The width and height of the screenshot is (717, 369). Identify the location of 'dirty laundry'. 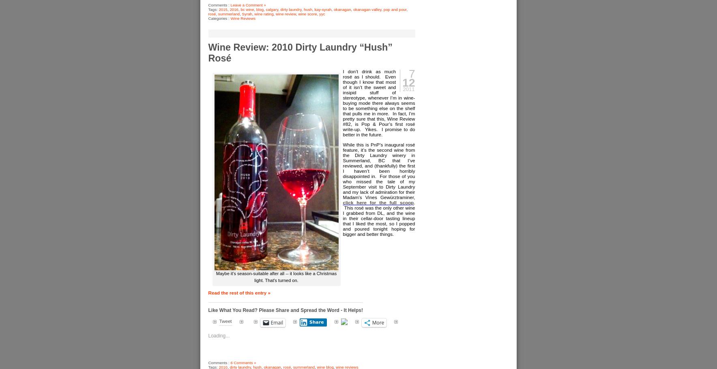
(290, 9).